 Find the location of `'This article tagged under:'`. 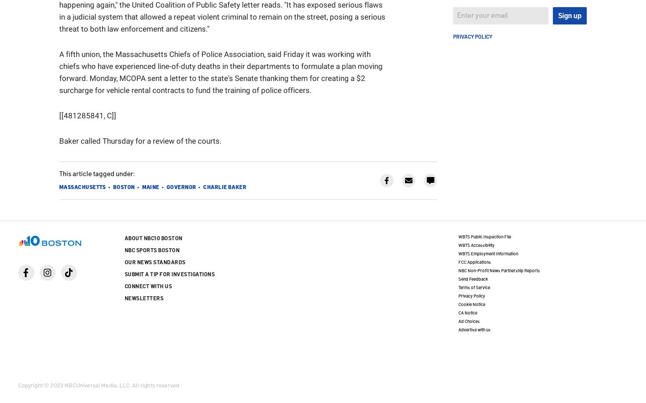

'This article tagged under:' is located at coordinates (96, 172).